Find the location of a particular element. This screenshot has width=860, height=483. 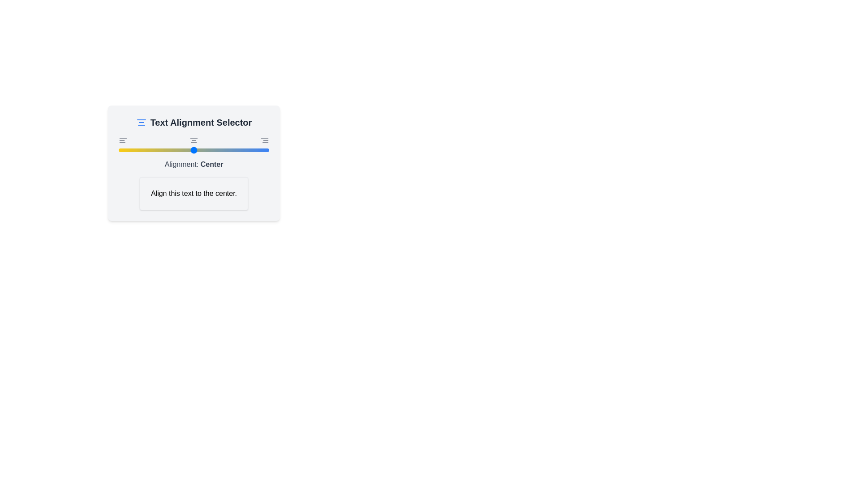

the alignment icon to set alignment to left is located at coordinates (122, 140).